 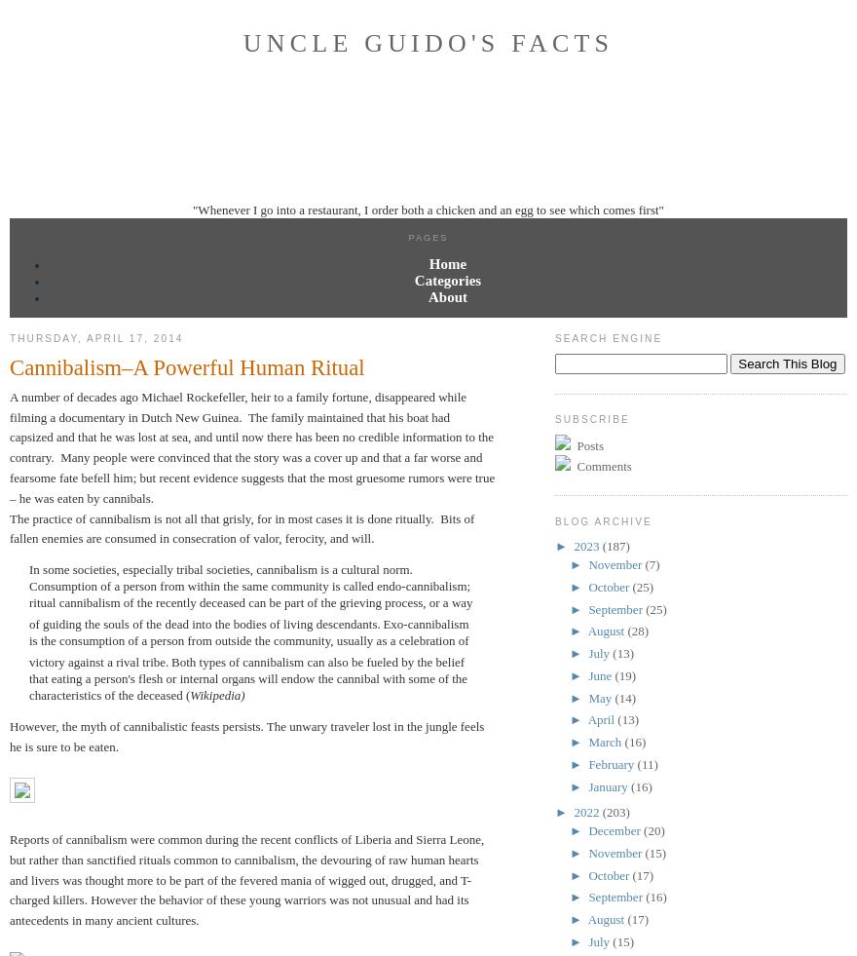 I want to click on 'December', so click(x=587, y=830).